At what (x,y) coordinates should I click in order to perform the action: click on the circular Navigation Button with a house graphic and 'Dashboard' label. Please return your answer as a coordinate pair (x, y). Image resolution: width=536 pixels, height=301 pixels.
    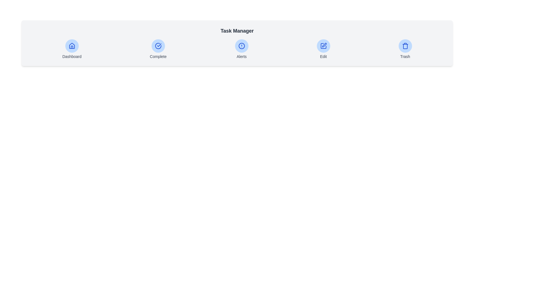
    Looking at the image, I should click on (71, 49).